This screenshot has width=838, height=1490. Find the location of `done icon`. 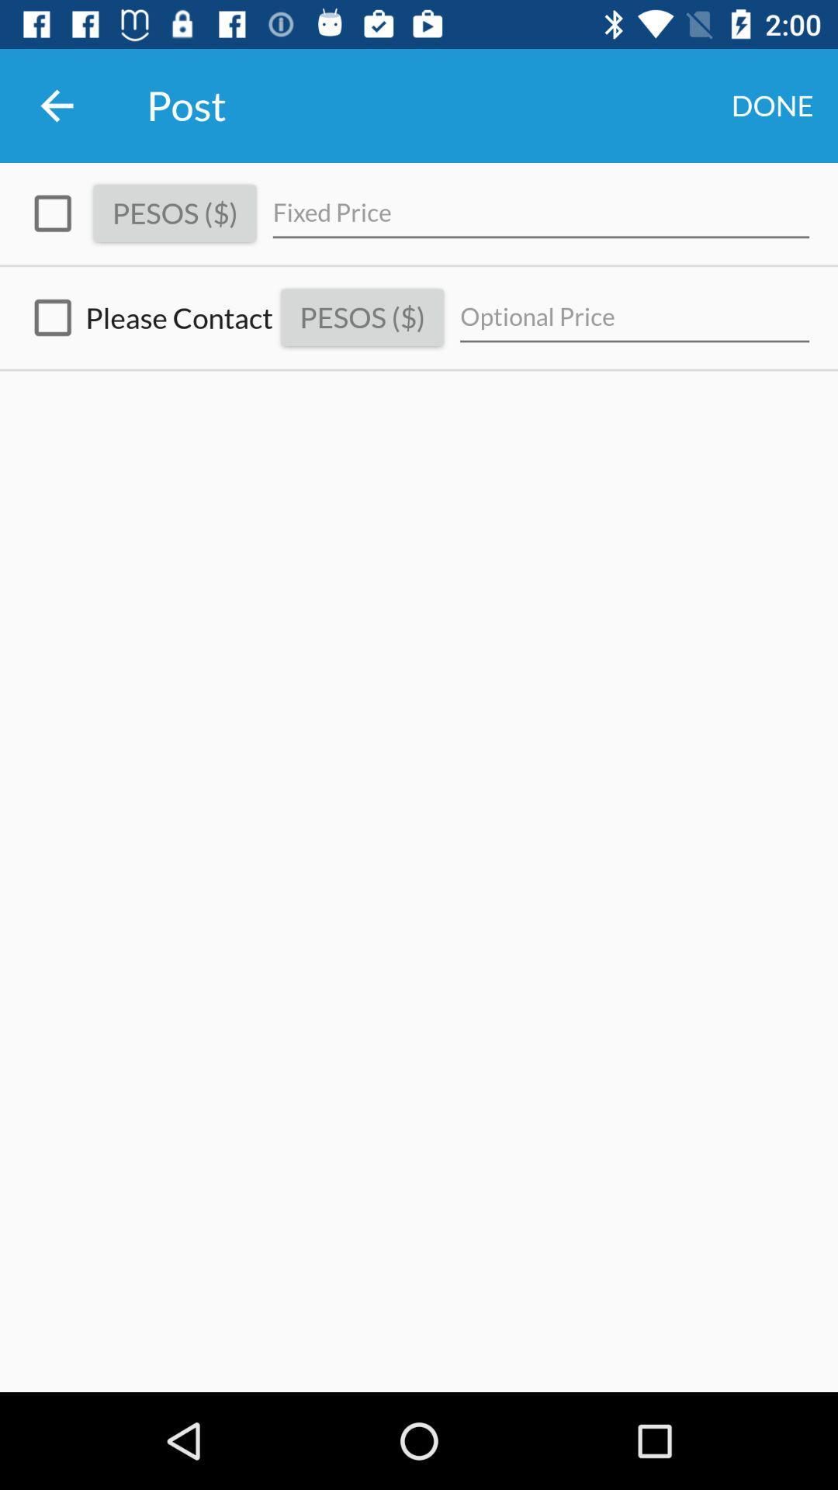

done icon is located at coordinates (772, 105).